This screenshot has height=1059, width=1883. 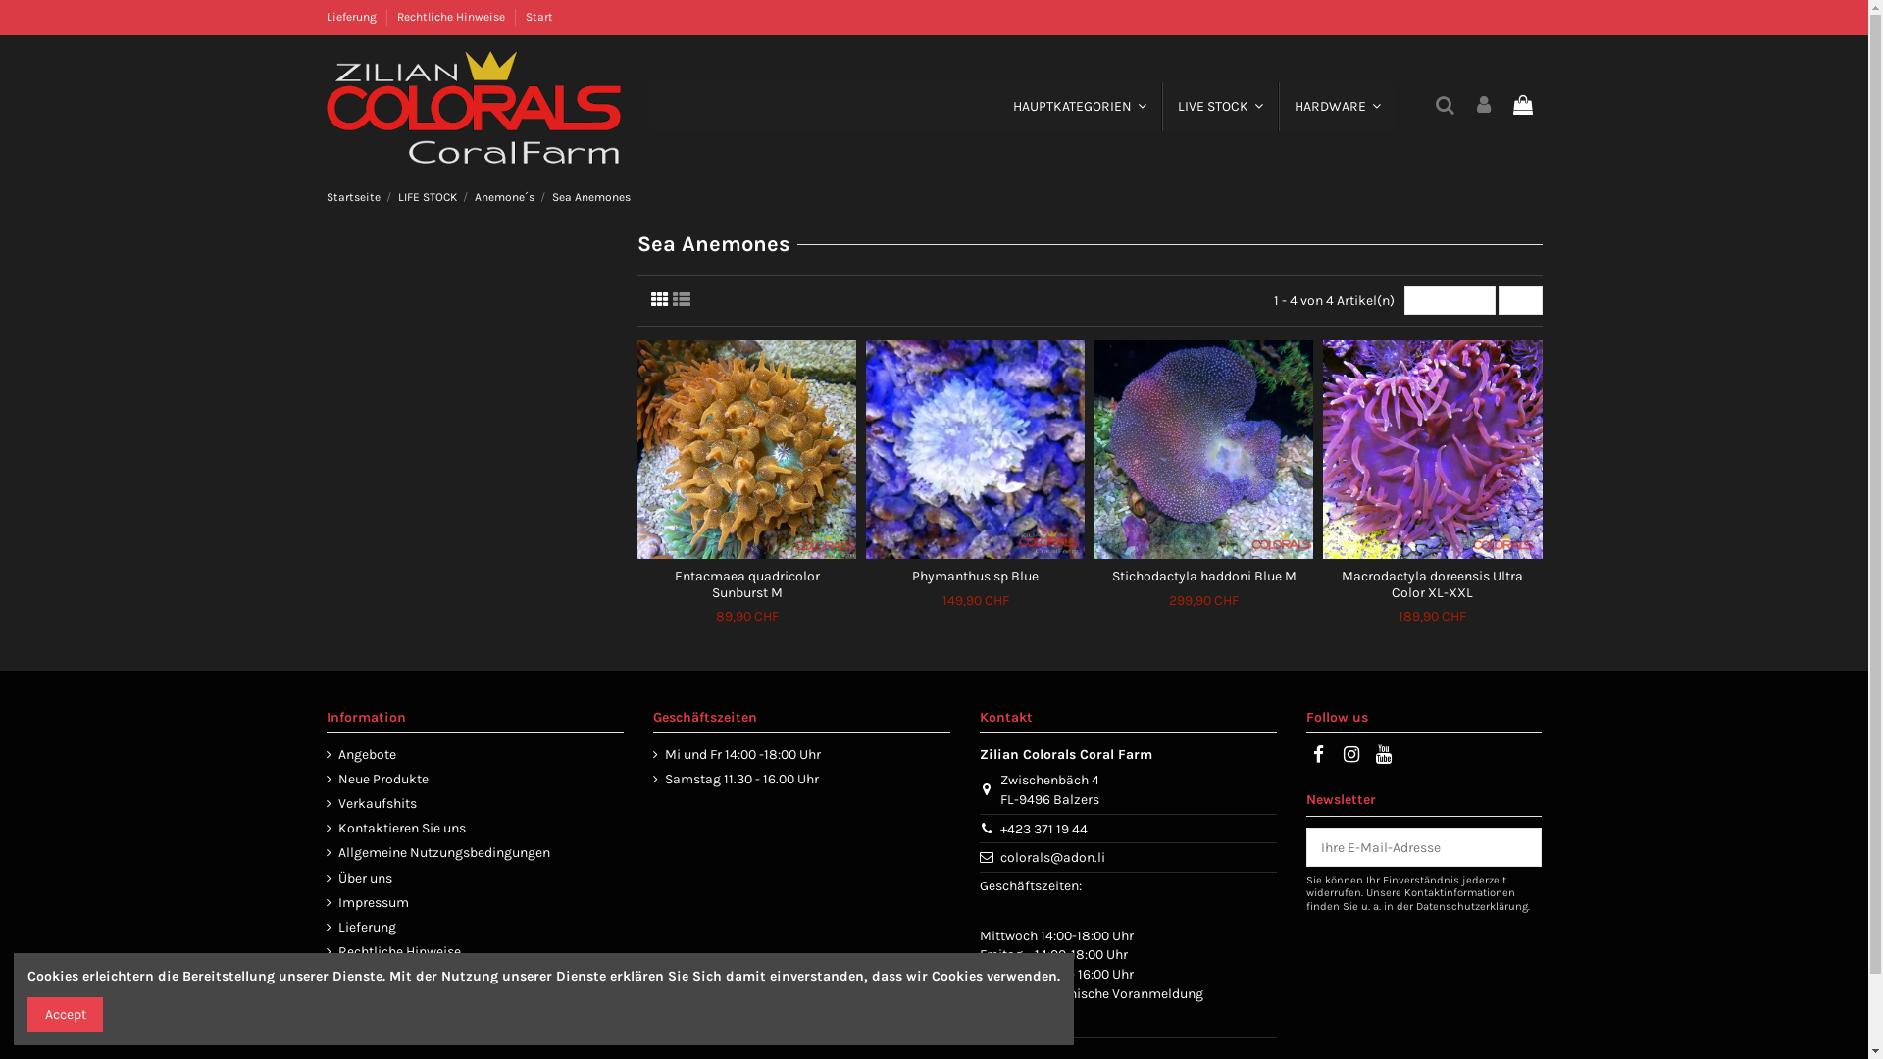 I want to click on 'Neue Produkte', so click(x=377, y=778).